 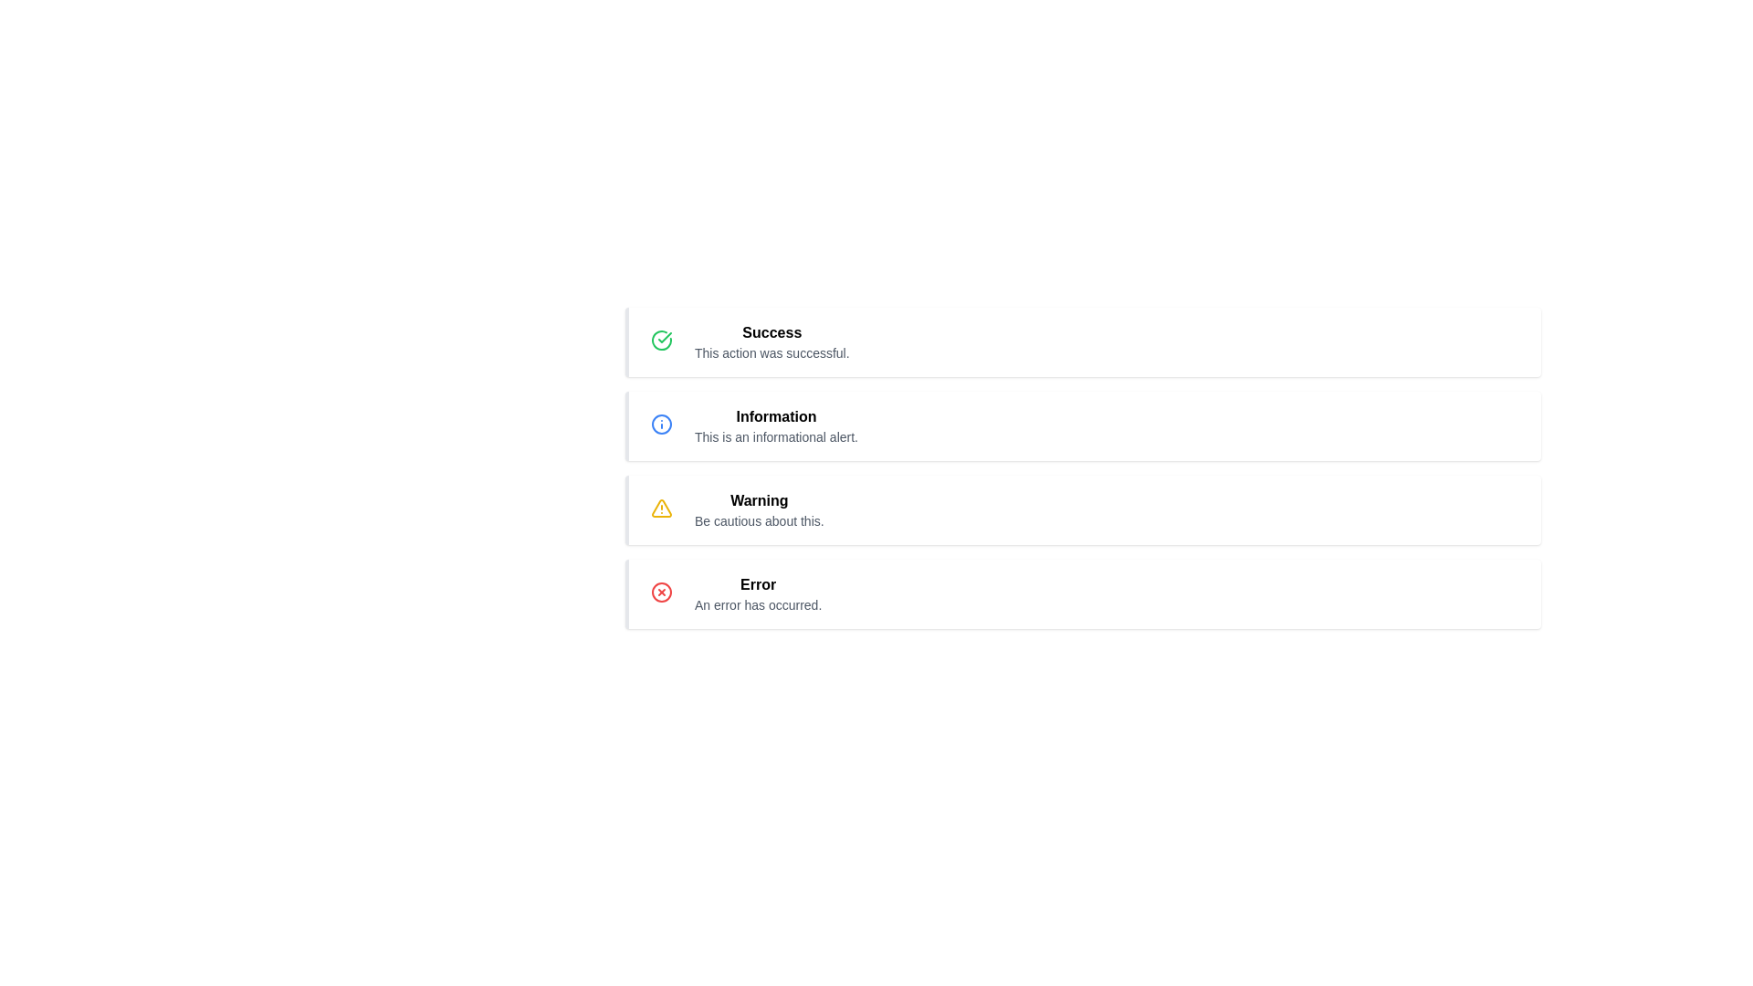 What do you see at coordinates (758, 584) in the screenshot?
I see `the text label that serves as the title for the error alert, located at the bottom of the vertical list of alert items` at bounding box center [758, 584].